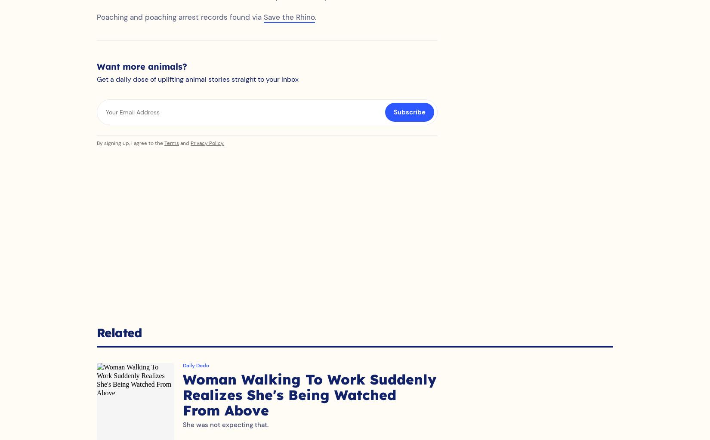 The height and width of the screenshot is (440, 710). What do you see at coordinates (97, 87) in the screenshot?
I see `'Get a daily dose of uplifting animal stories straight to your inbox'` at bounding box center [97, 87].